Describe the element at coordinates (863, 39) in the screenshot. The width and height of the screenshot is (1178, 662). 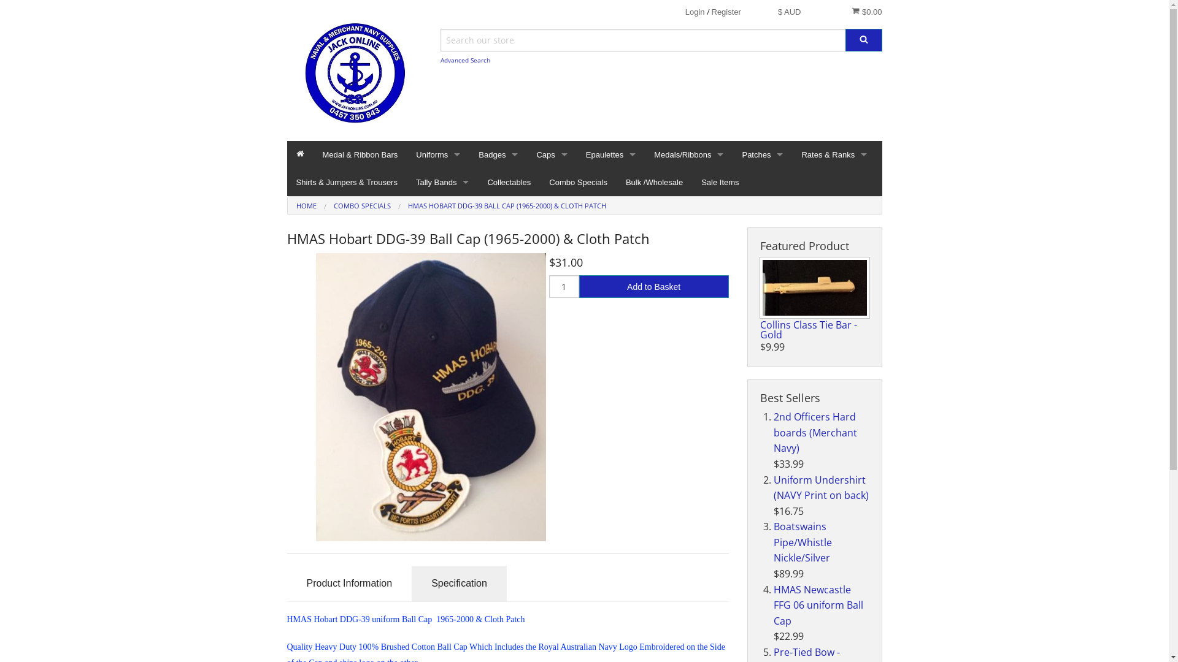
I see `'Search'` at that location.